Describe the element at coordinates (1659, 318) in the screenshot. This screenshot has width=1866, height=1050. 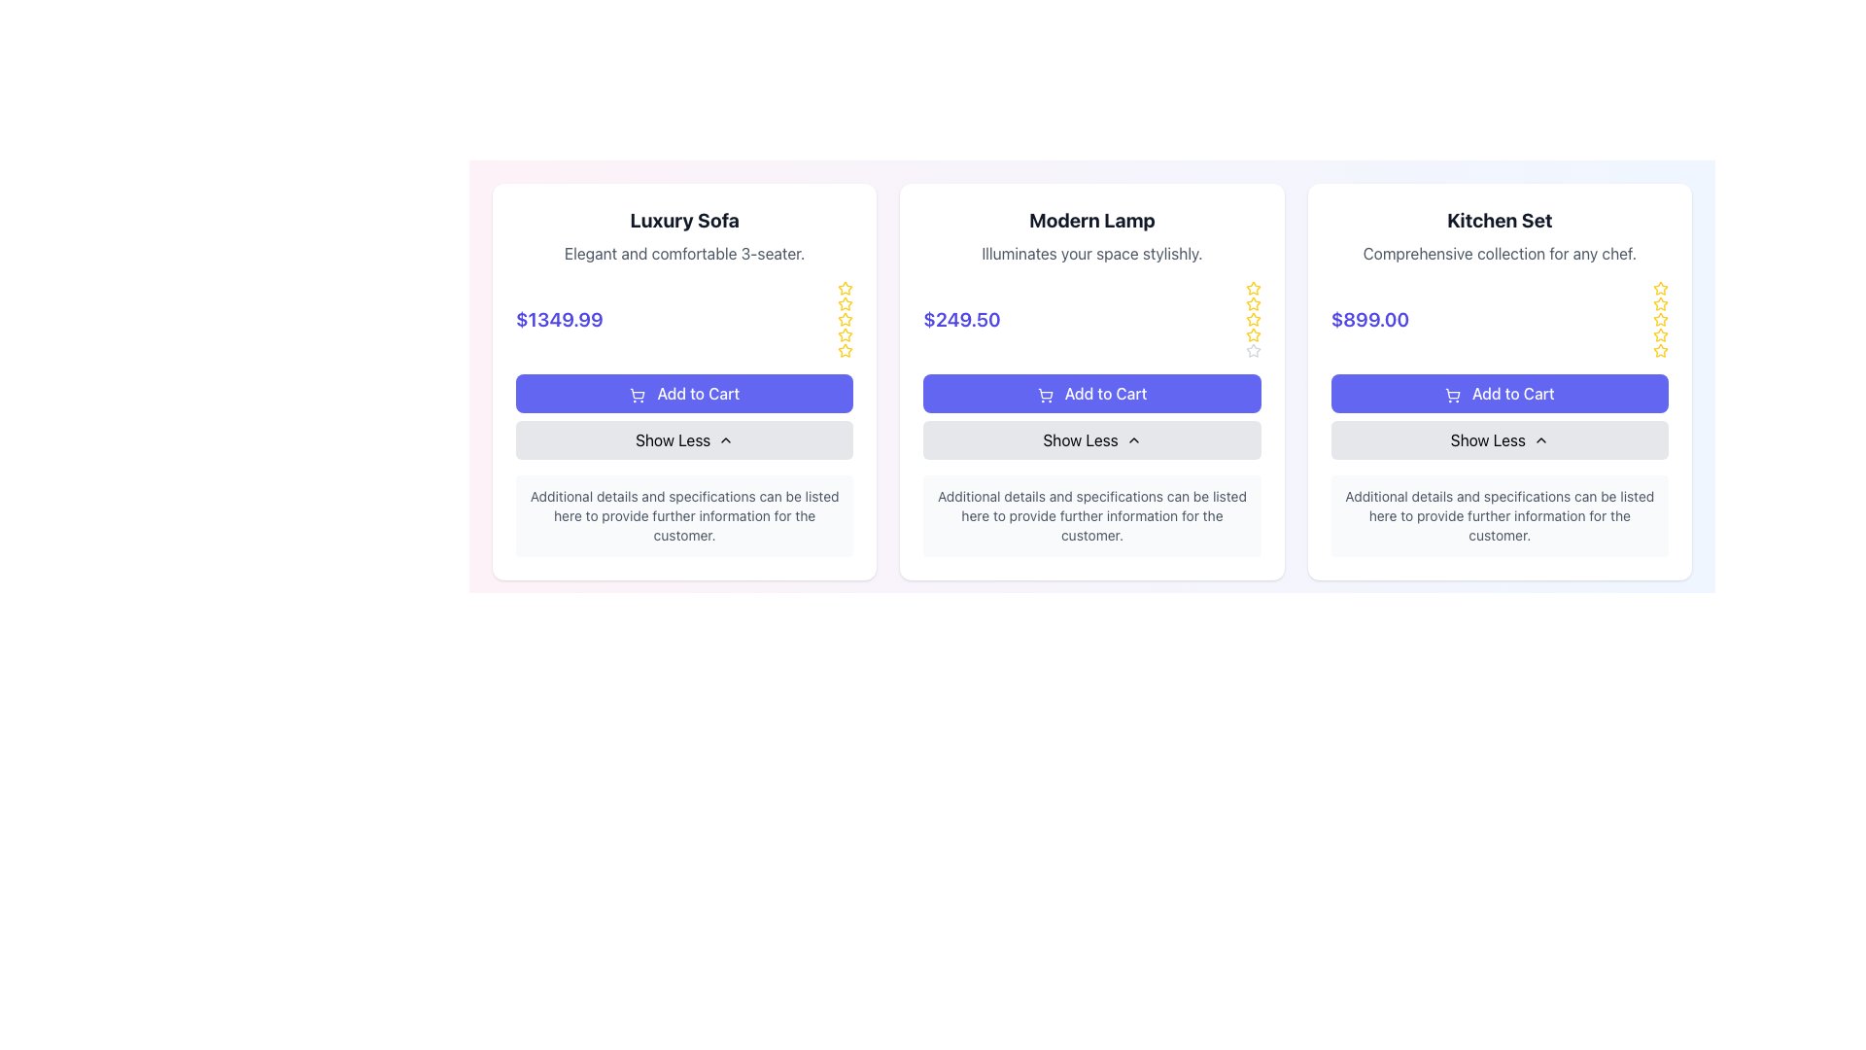
I see `the fourth star-shaped icon with a yellow outline, located next to the text 'Kitchen Set' and below the price '$899.00'` at that location.